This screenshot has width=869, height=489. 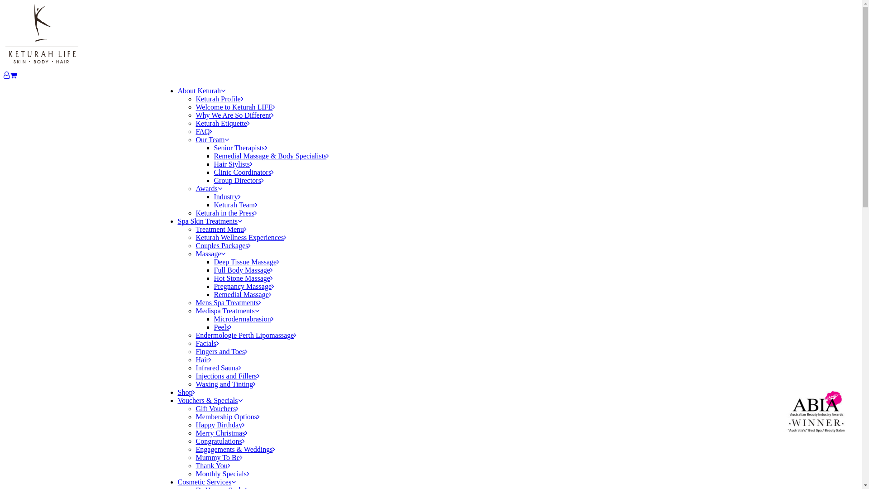 I want to click on 'Pregnancy Massage', so click(x=244, y=286).